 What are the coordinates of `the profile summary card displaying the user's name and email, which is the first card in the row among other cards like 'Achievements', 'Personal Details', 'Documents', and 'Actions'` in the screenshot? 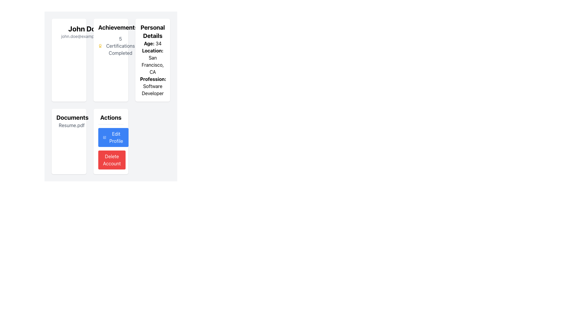 It's located at (69, 60).